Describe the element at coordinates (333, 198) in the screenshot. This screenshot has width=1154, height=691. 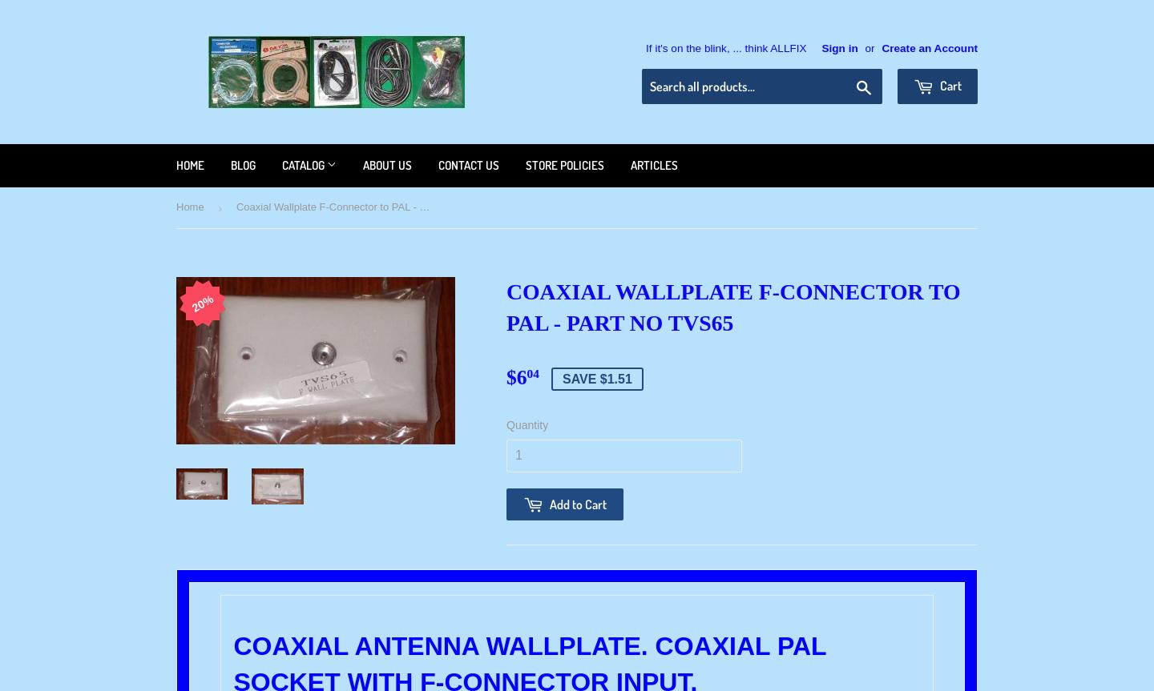
I see `'Major Appliance Parts'` at that location.